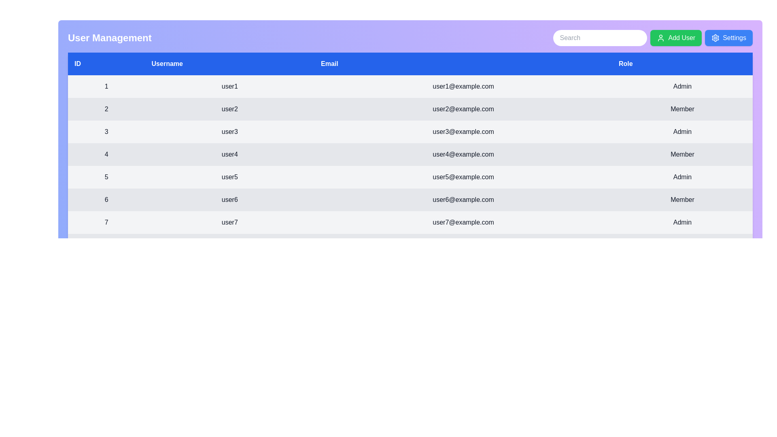  I want to click on the 'Settings' button to access configuration options, so click(728, 38).